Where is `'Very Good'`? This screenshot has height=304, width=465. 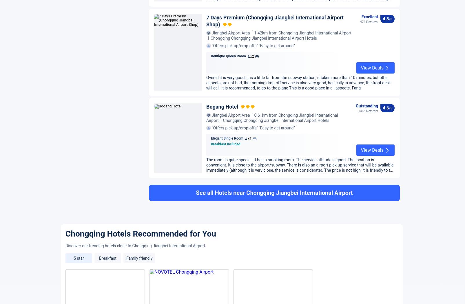 'Very Good' is located at coordinates (373, 88).